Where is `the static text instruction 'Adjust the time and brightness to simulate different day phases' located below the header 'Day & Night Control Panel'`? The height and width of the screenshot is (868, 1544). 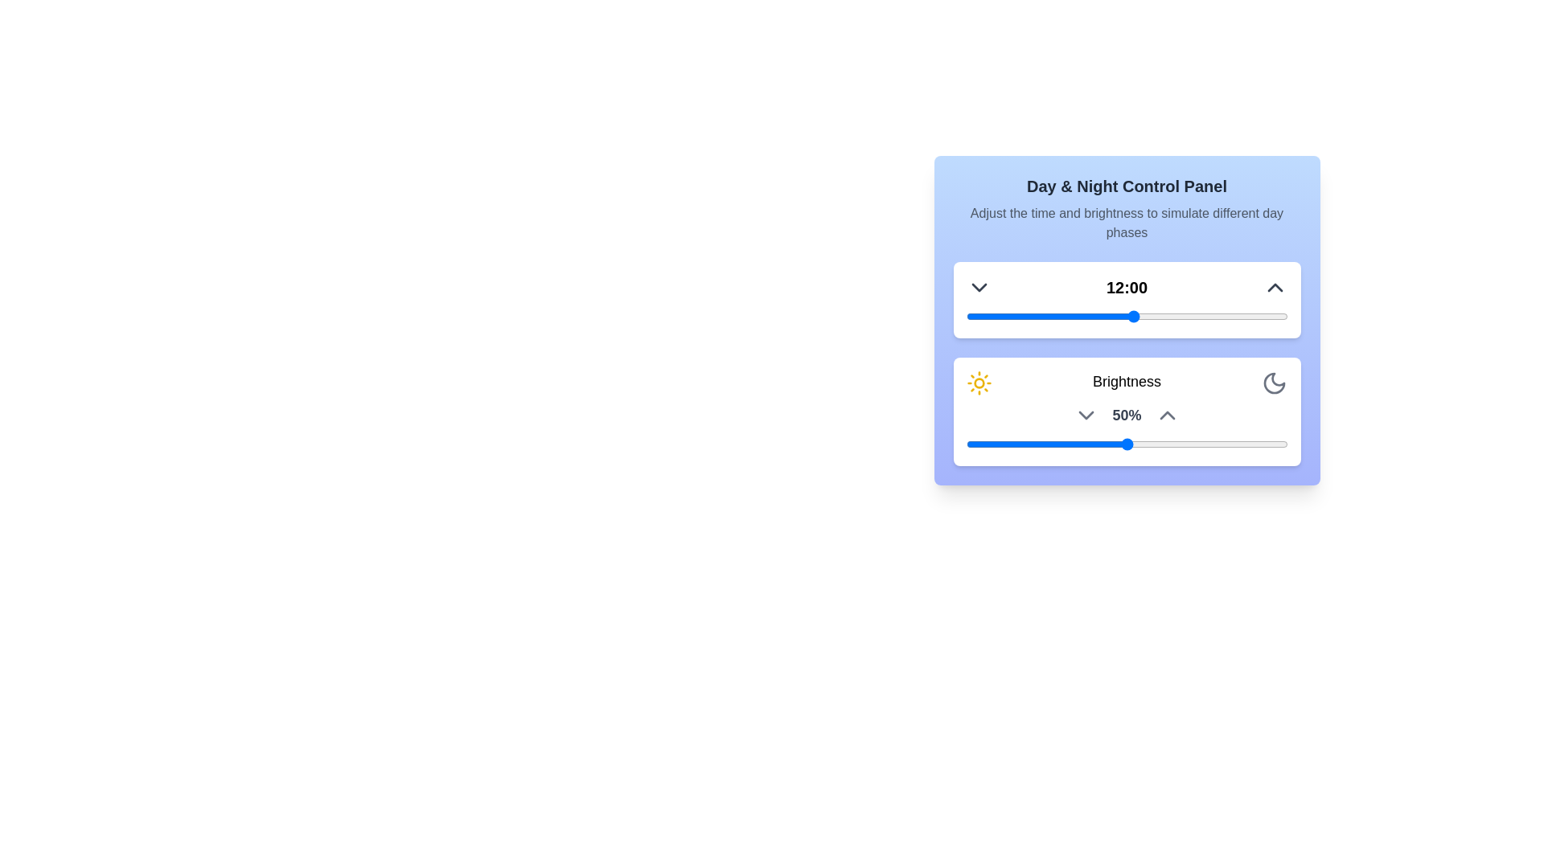
the static text instruction 'Adjust the time and brightness to simulate different day phases' located below the header 'Day & Night Control Panel' is located at coordinates (1126, 223).